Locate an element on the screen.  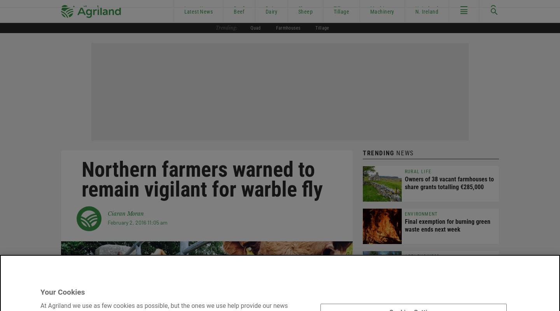
'N. Ireland' is located at coordinates (426, 11).